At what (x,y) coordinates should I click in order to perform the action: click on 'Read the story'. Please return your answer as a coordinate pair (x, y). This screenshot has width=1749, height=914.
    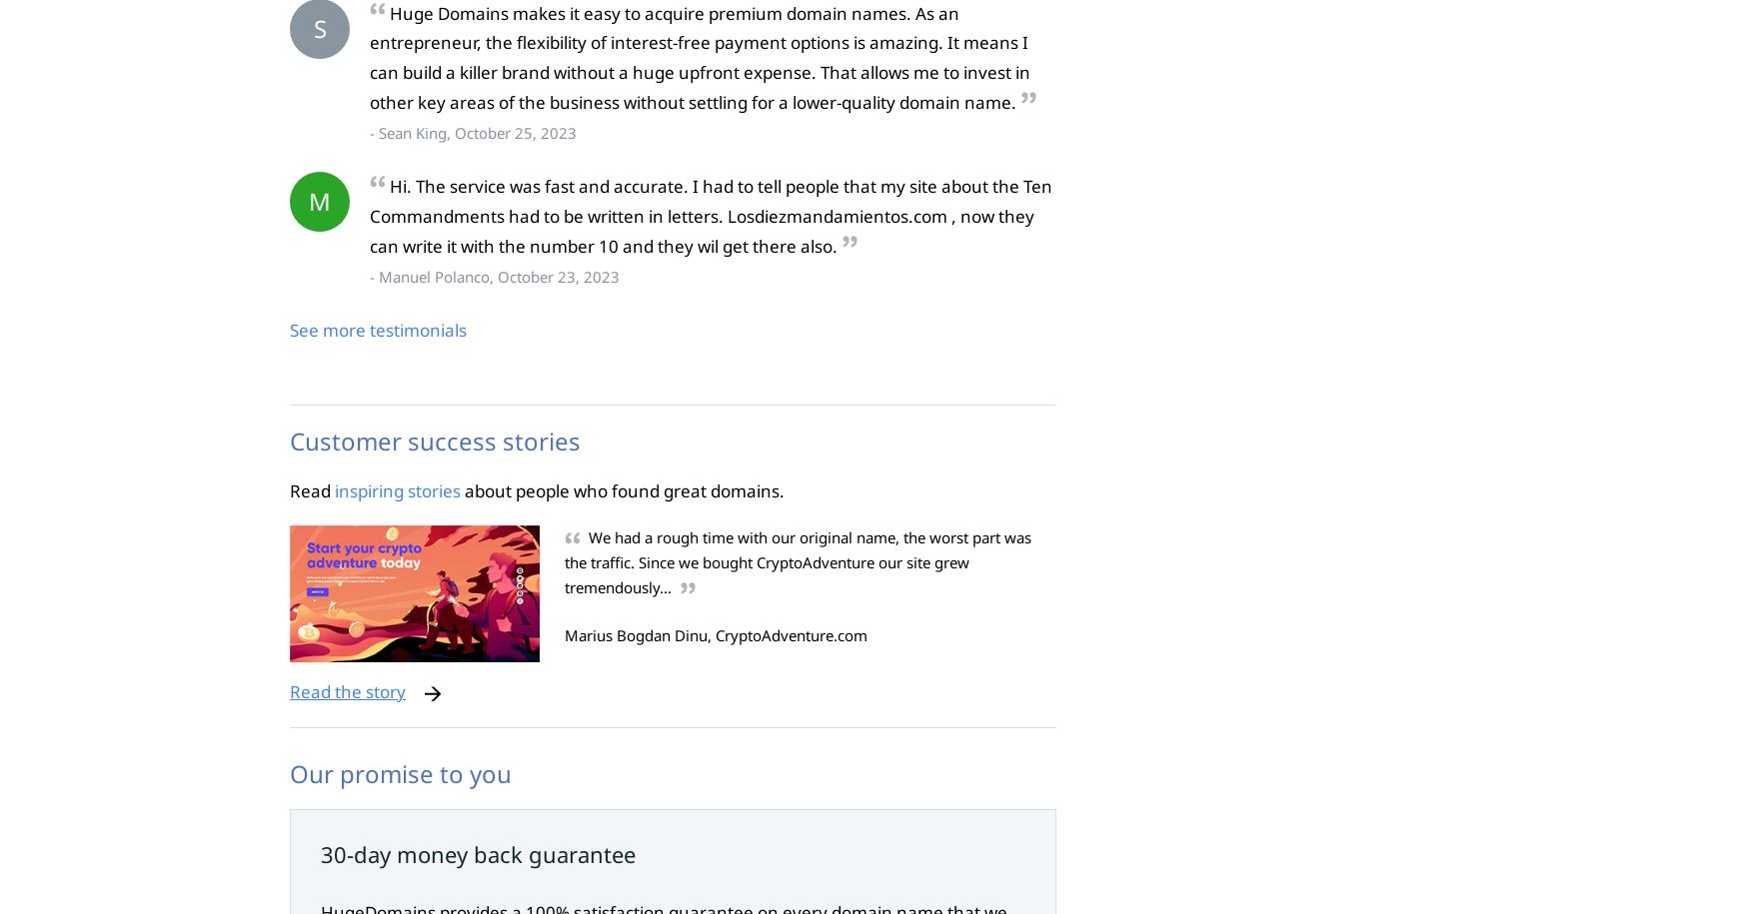
    Looking at the image, I should click on (348, 689).